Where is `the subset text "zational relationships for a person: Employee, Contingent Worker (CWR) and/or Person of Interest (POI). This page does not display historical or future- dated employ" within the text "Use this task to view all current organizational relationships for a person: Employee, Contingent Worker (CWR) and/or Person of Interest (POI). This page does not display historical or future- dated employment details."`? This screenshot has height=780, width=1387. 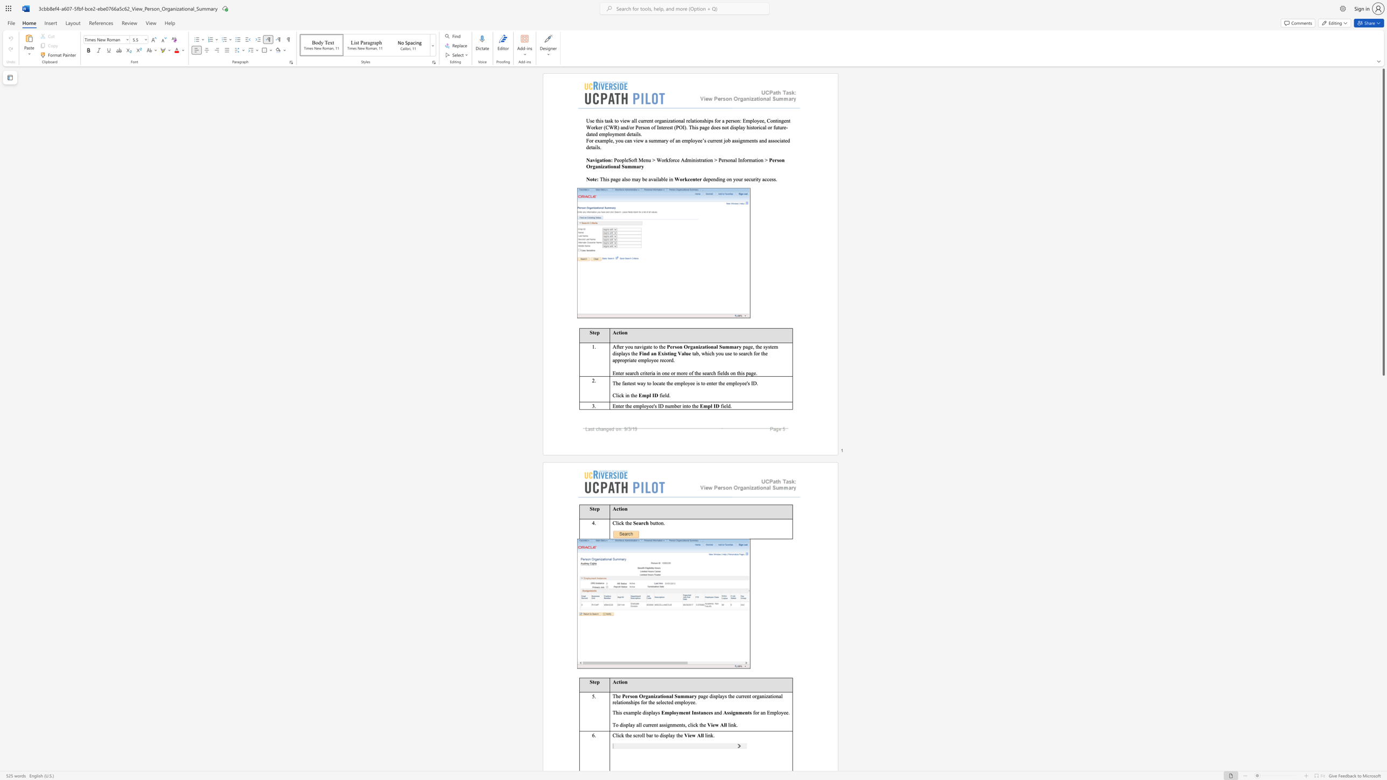 the subset text "zational relationships for a person: Employee, Contingent Worker (CWR) and/or Person of Interest (POI). This page does not display historical or future- dated employ" within the text "Use this task to view all current organizational relationships for a person: Employee, Contingent Worker (CWR) and/or Person of Interest (POI). This page does not display historical or future- dated employment details." is located at coordinates (668, 120).